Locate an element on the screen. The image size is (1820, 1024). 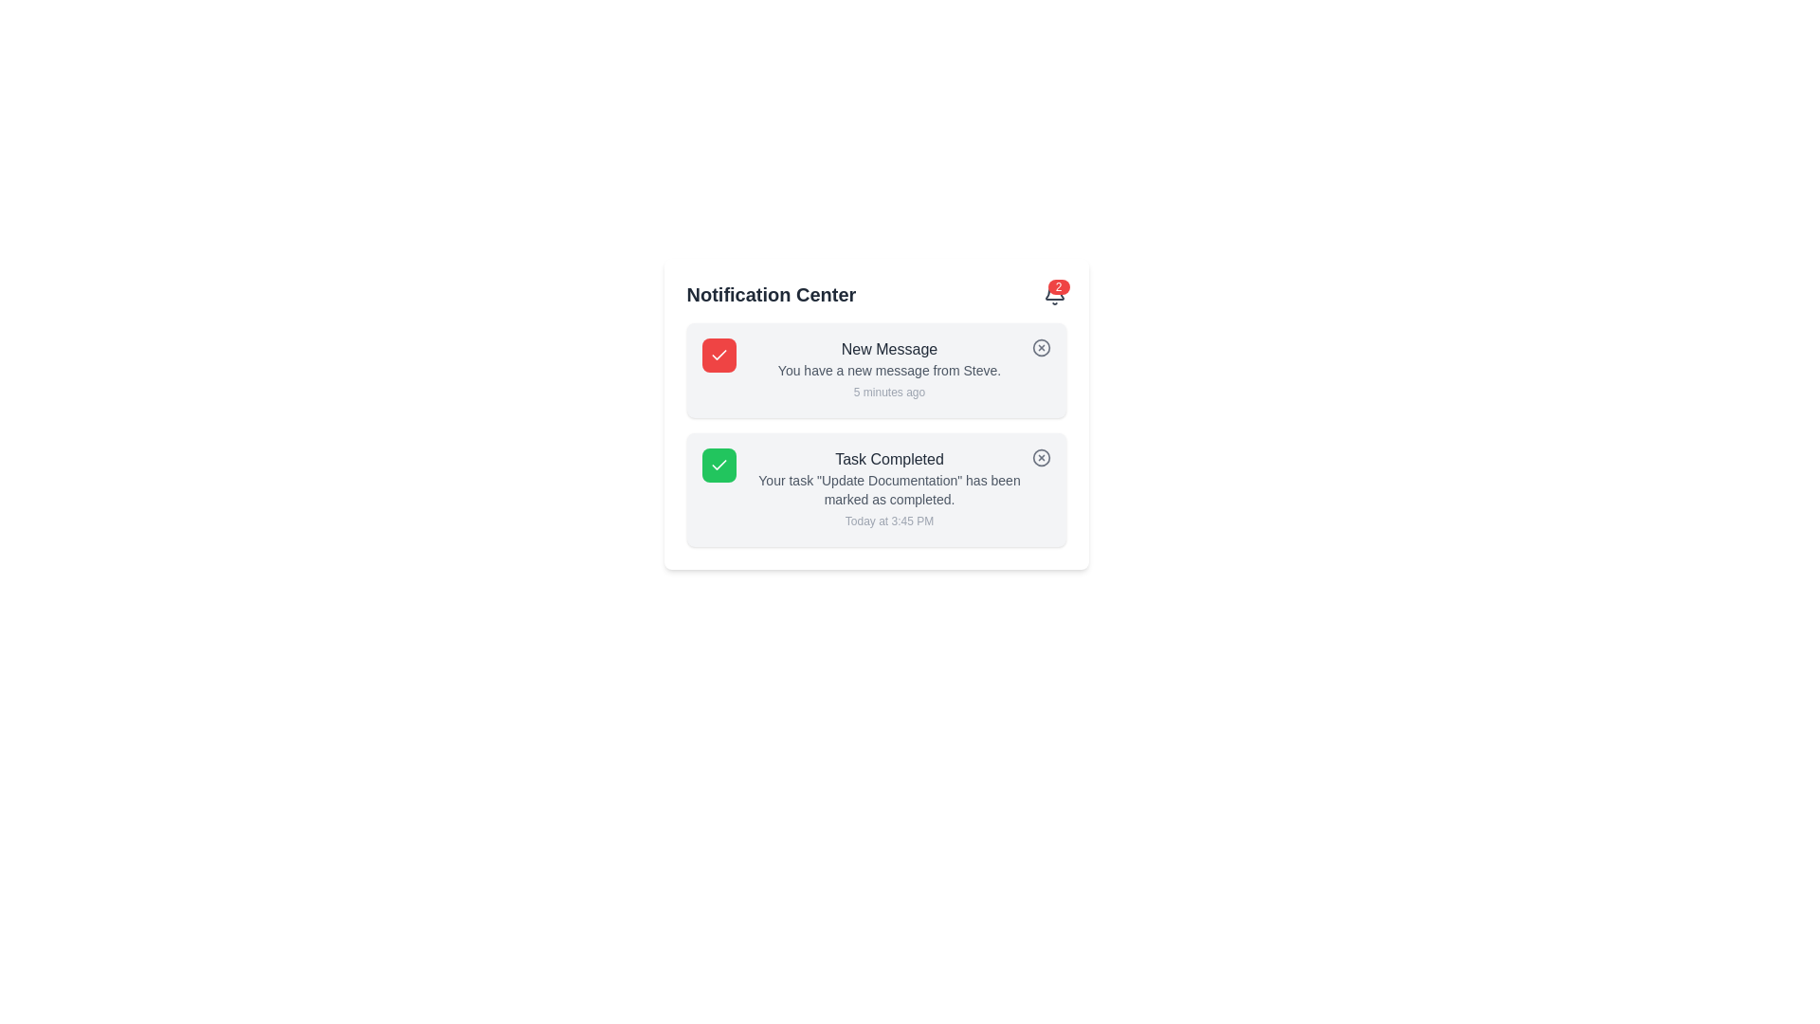
the Notification icon with a badge located at the far right of the header section in the Notification Center to check for new notifications is located at coordinates (1053, 295).